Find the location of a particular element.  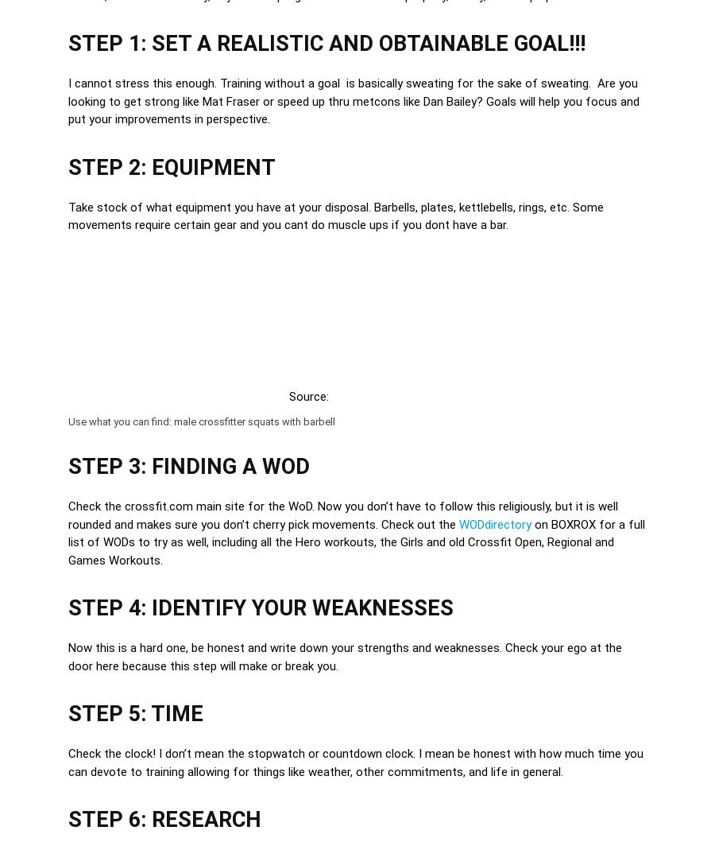

'Check the crossfit.com main site for the WoD. Now you don’t have to follow this religiously, but it is well rounded and makes sure you don’t cherry pick movements. Check out the' is located at coordinates (343, 514).